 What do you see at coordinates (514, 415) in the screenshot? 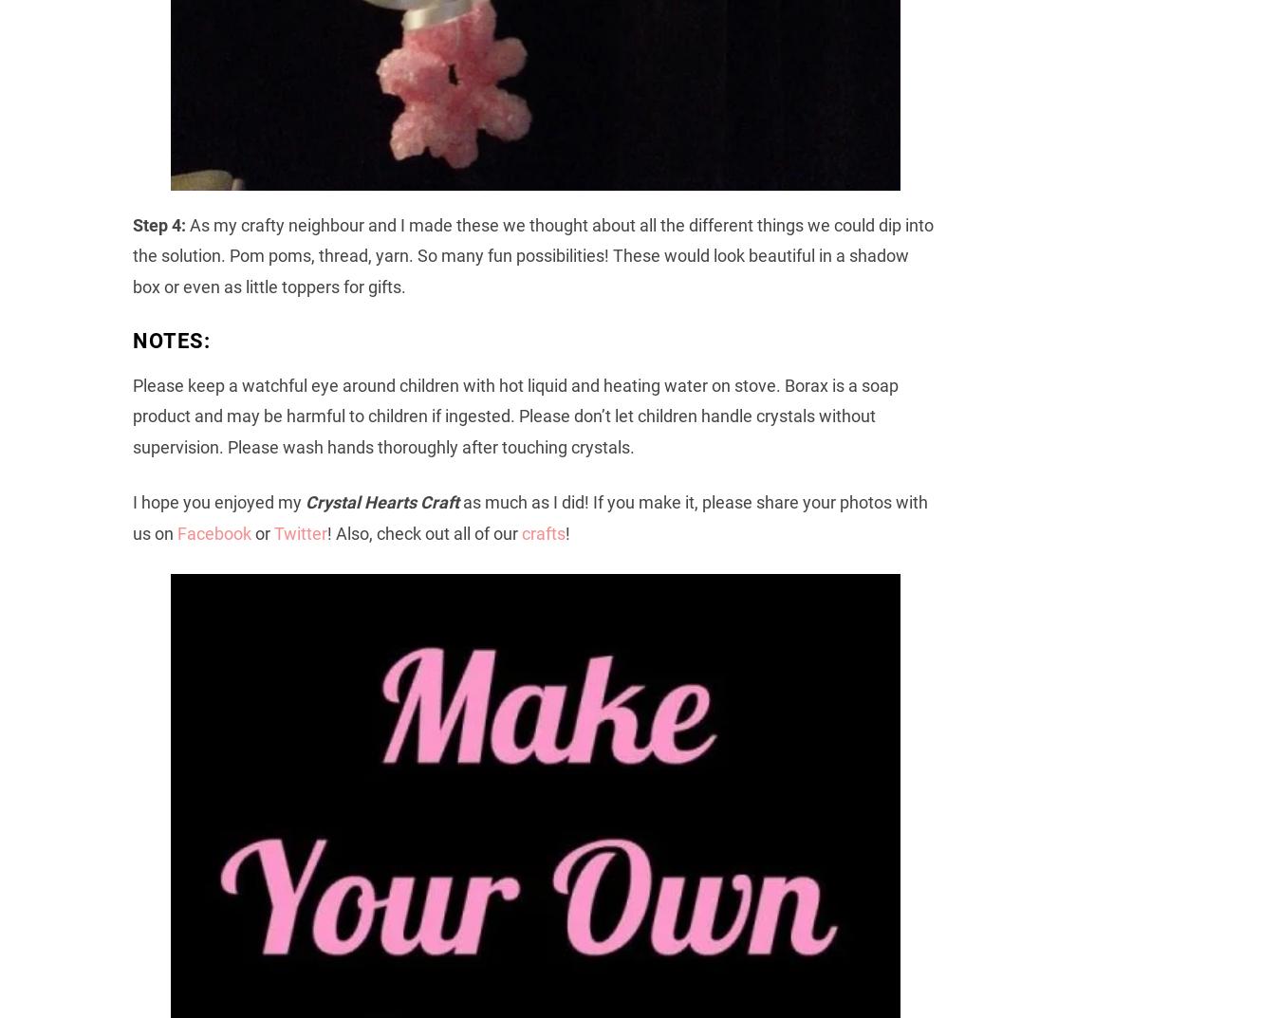
I see `'Please keep a watchful eye around children with hot liquid and heating water on stove. Borax is a soap product and may be harmful to children if ingested. Please don’t let children handle crystals without supervision. Please wash hands thoroughly after touching crystals.'` at bounding box center [514, 415].